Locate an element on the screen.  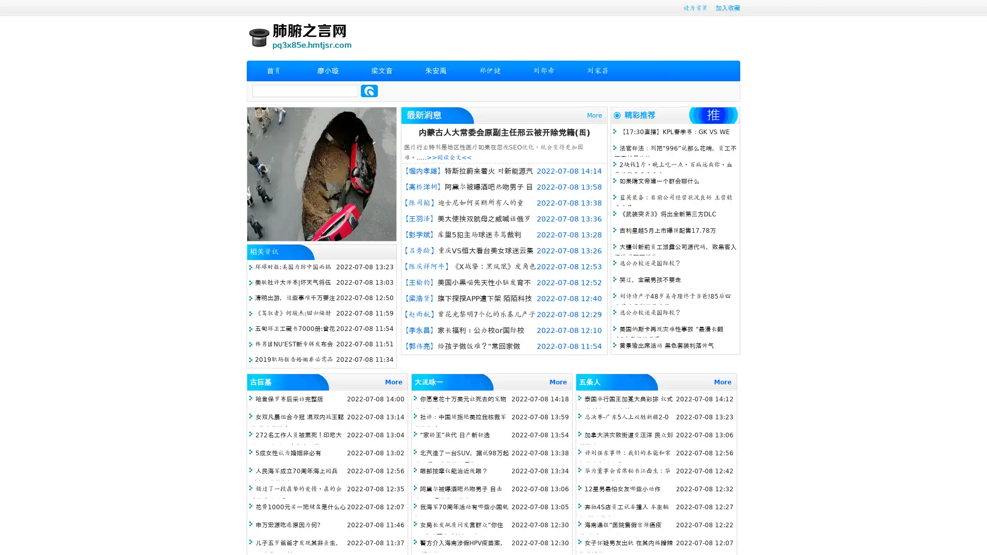
Search is located at coordinates (369, 90).